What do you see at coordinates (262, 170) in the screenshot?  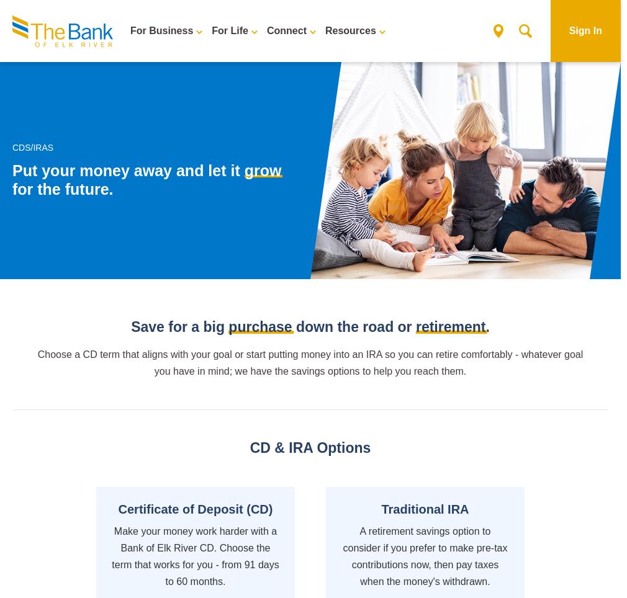 I see `'grow'` at bounding box center [262, 170].